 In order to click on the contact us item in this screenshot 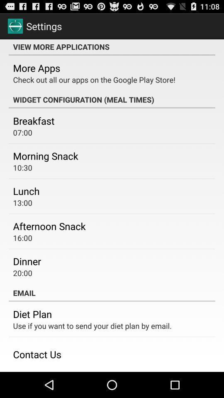, I will do `click(37, 354)`.